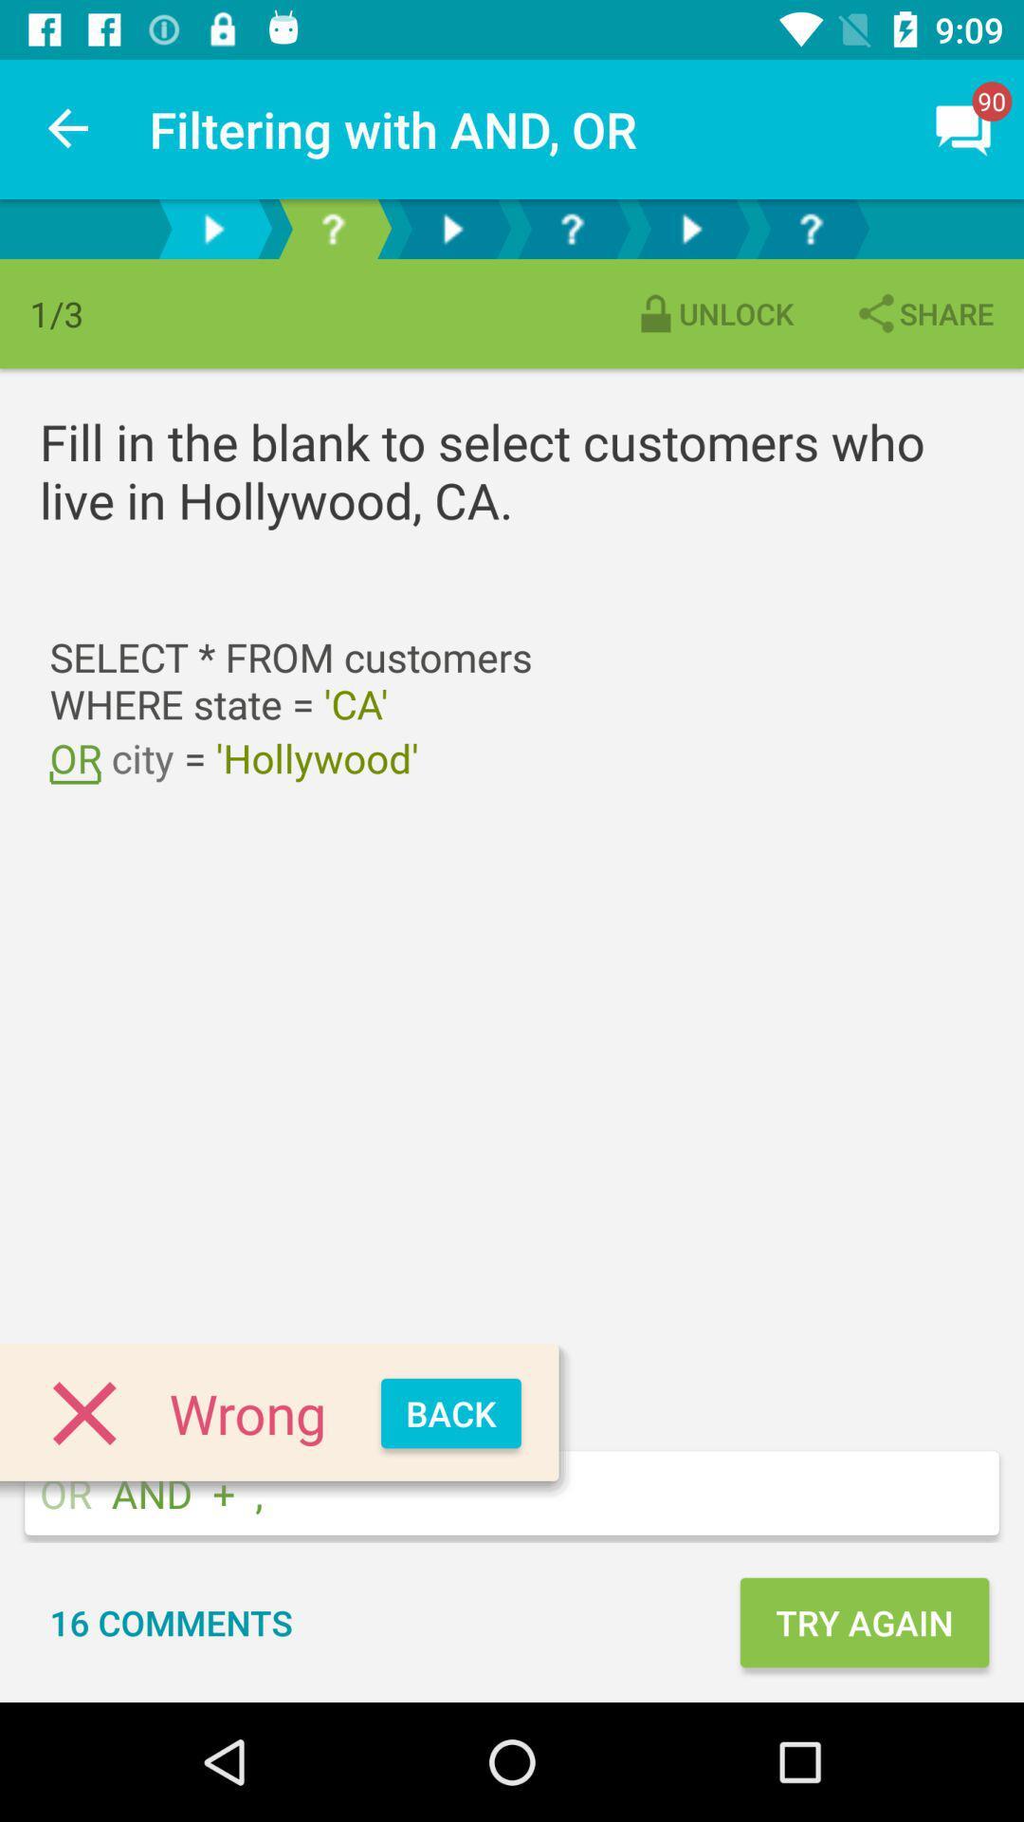 Image resolution: width=1024 pixels, height=1822 pixels. Describe the element at coordinates (332, 228) in the screenshot. I see `help` at that location.